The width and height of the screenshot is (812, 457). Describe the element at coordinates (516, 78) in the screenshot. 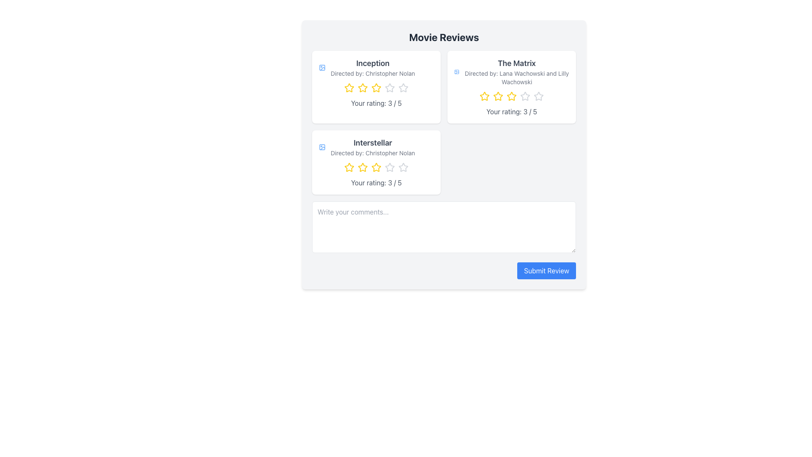

I see `the text label displaying 'Directed by: Lana Wachowski and Lilly Wachowski', which is styled in small gray font and located directly below the title 'The Matrix'` at that location.